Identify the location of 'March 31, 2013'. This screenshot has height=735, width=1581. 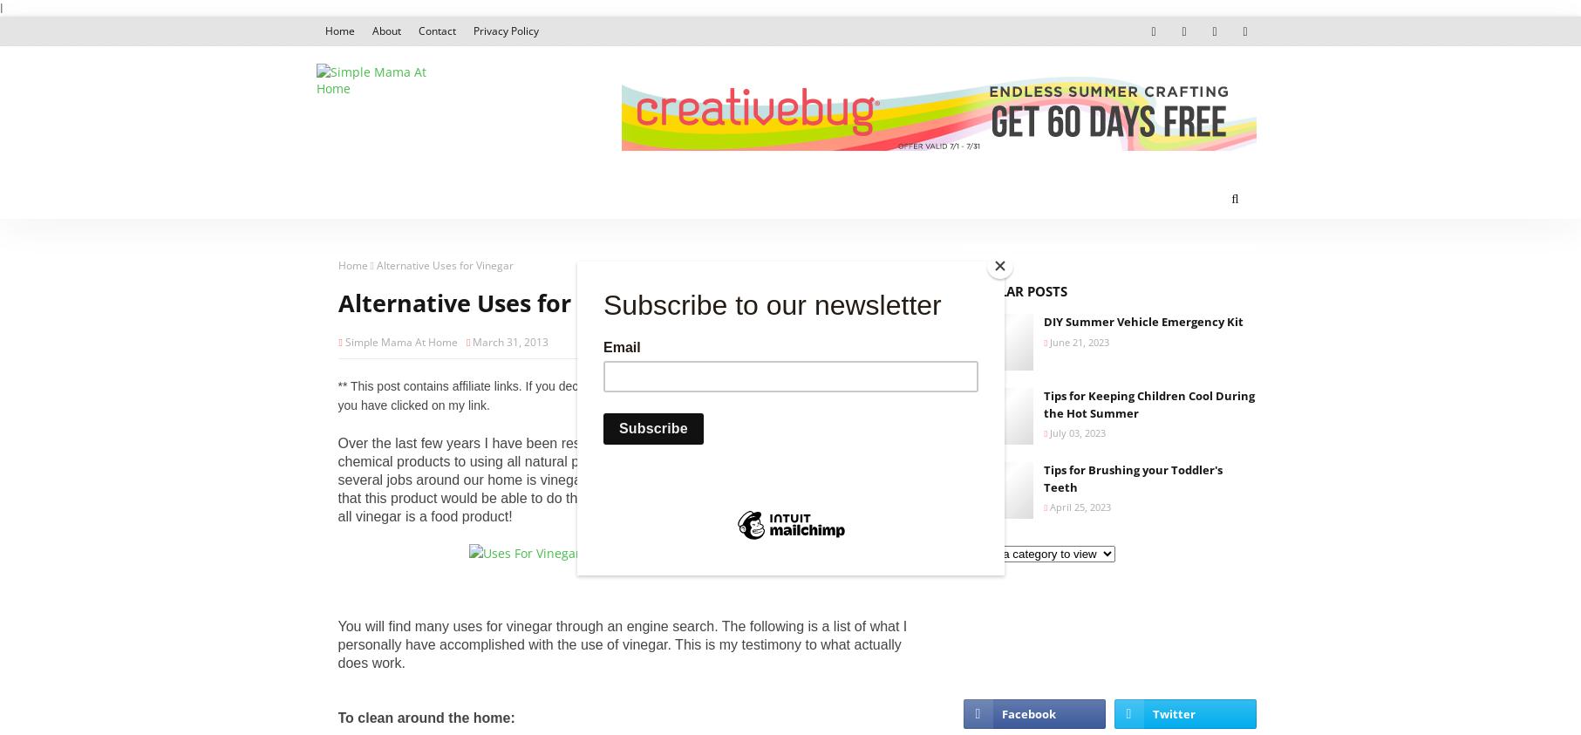
(510, 340).